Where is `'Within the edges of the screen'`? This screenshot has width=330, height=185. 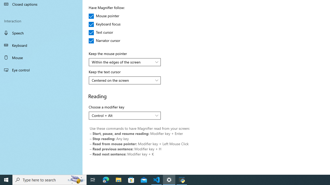
'Within the edges of the screen' is located at coordinates (122, 62).